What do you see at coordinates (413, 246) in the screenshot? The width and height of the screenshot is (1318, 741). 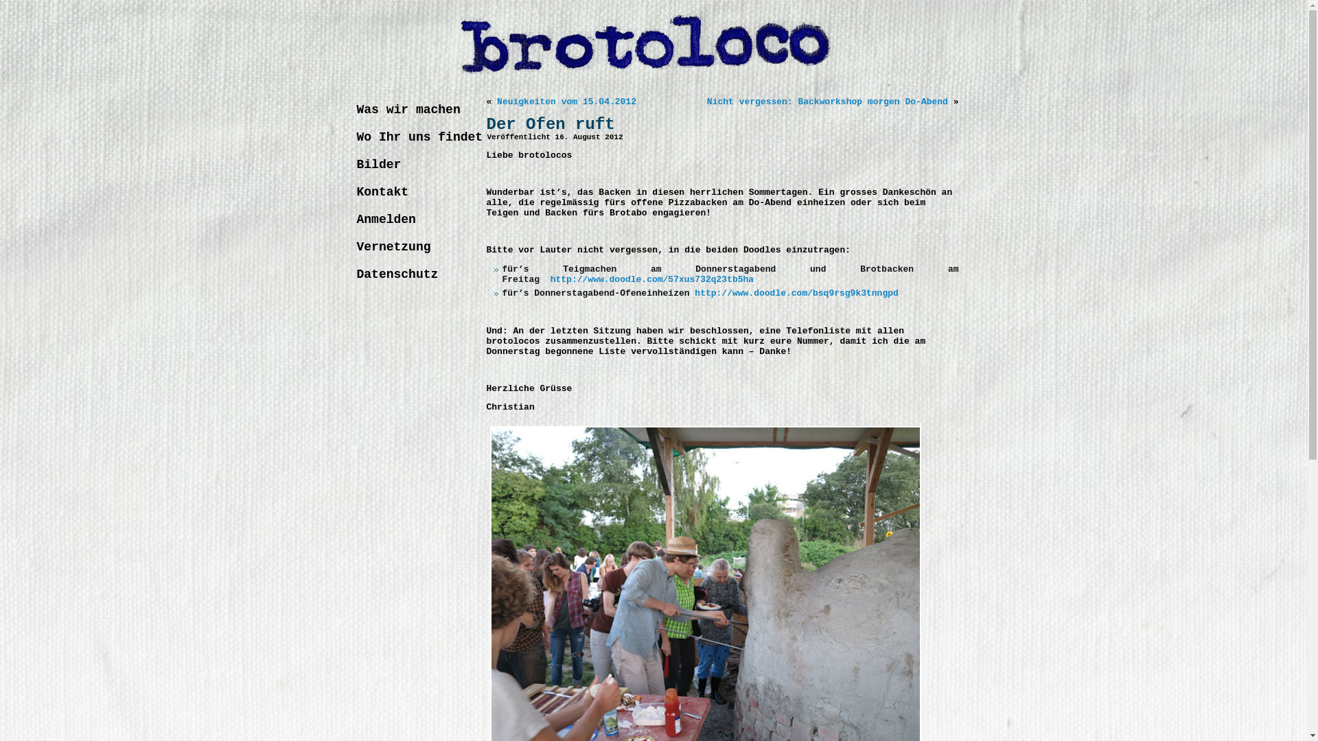 I see `'Vernetzung'` at bounding box center [413, 246].